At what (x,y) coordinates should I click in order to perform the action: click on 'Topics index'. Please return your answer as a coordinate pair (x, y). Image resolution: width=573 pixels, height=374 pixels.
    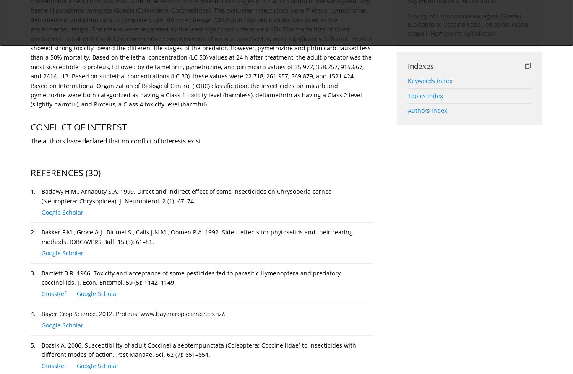
    Looking at the image, I should click on (425, 95).